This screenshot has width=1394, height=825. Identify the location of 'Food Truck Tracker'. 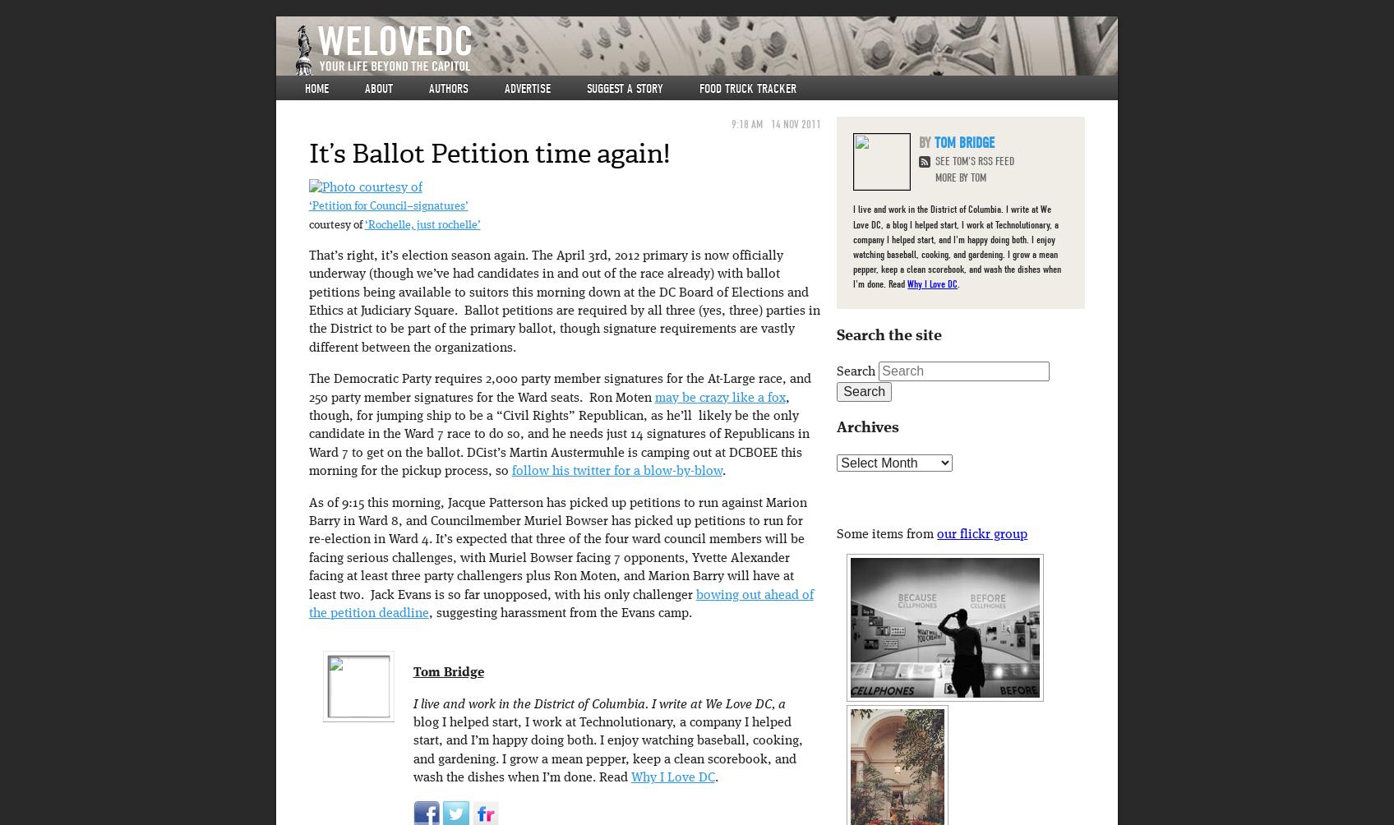
(748, 89).